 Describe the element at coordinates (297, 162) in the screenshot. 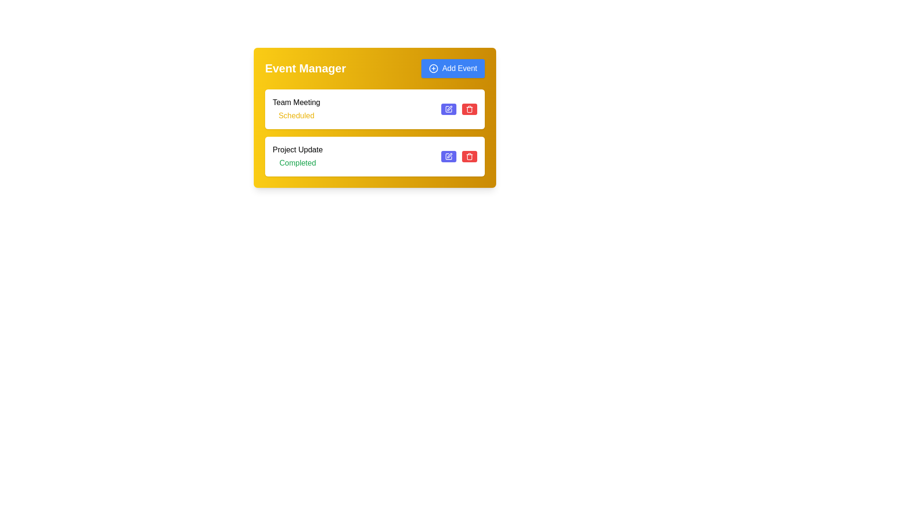

I see `the 'Completed' status label displayed in green font, located beneath the 'Project Update' heading in the event manager interface` at that location.